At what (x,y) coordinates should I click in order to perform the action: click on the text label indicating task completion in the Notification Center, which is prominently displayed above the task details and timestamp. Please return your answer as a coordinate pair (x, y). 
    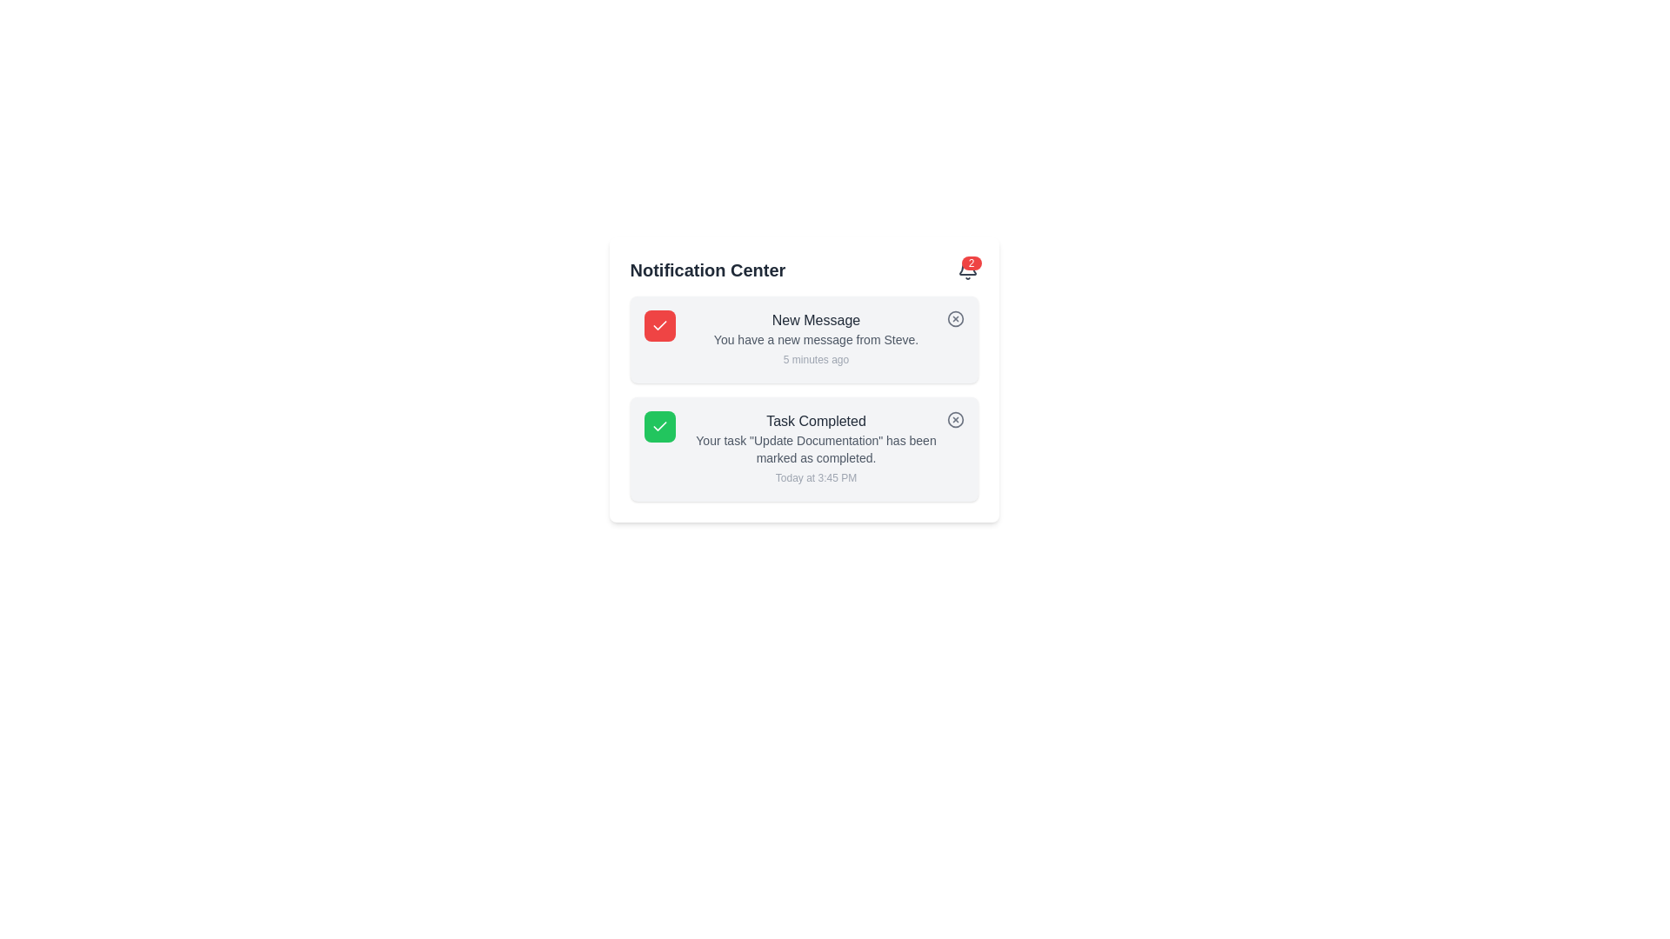
    Looking at the image, I should click on (815, 422).